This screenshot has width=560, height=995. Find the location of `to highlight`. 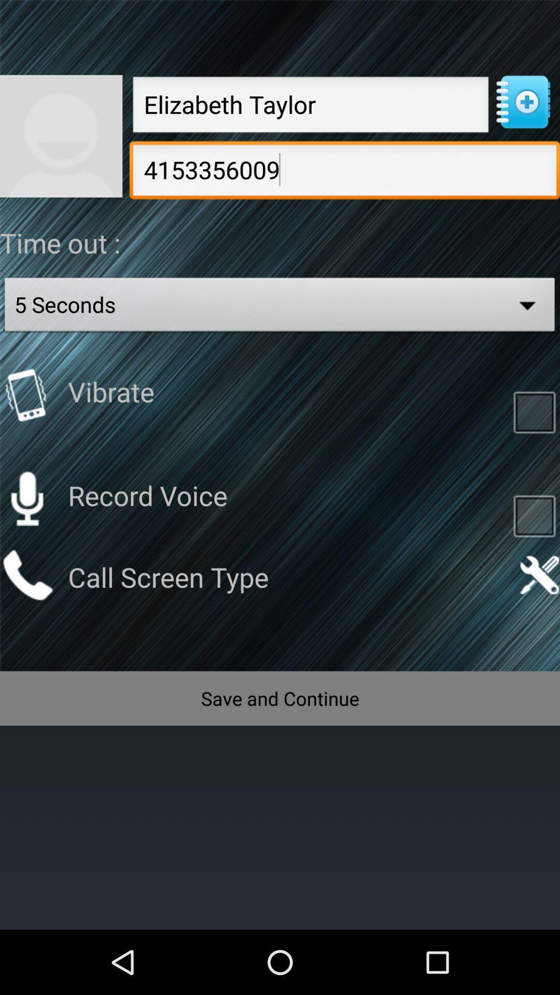

to highlight is located at coordinates (534, 411).